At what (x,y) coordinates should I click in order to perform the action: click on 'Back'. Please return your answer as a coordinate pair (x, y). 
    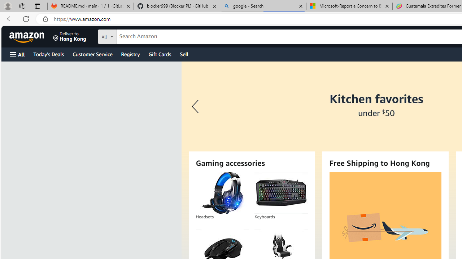
    Looking at the image, I should click on (9, 18).